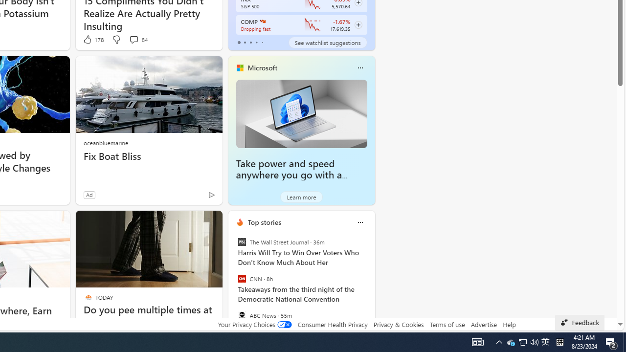 This screenshot has height=352, width=626. Describe the element at coordinates (264, 222) in the screenshot. I see `'Top stories'` at that location.